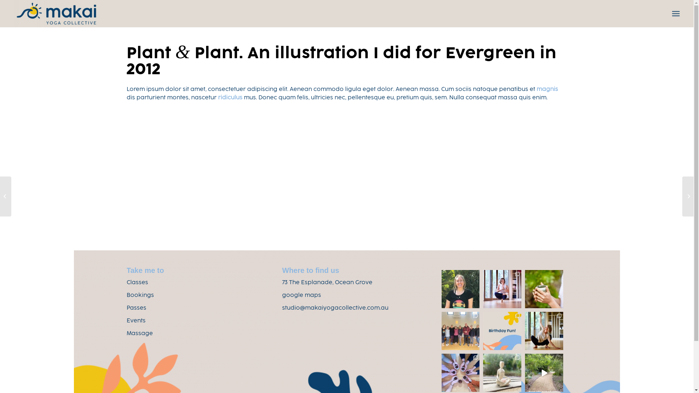  Describe the element at coordinates (136, 321) in the screenshot. I see `'Events'` at that location.